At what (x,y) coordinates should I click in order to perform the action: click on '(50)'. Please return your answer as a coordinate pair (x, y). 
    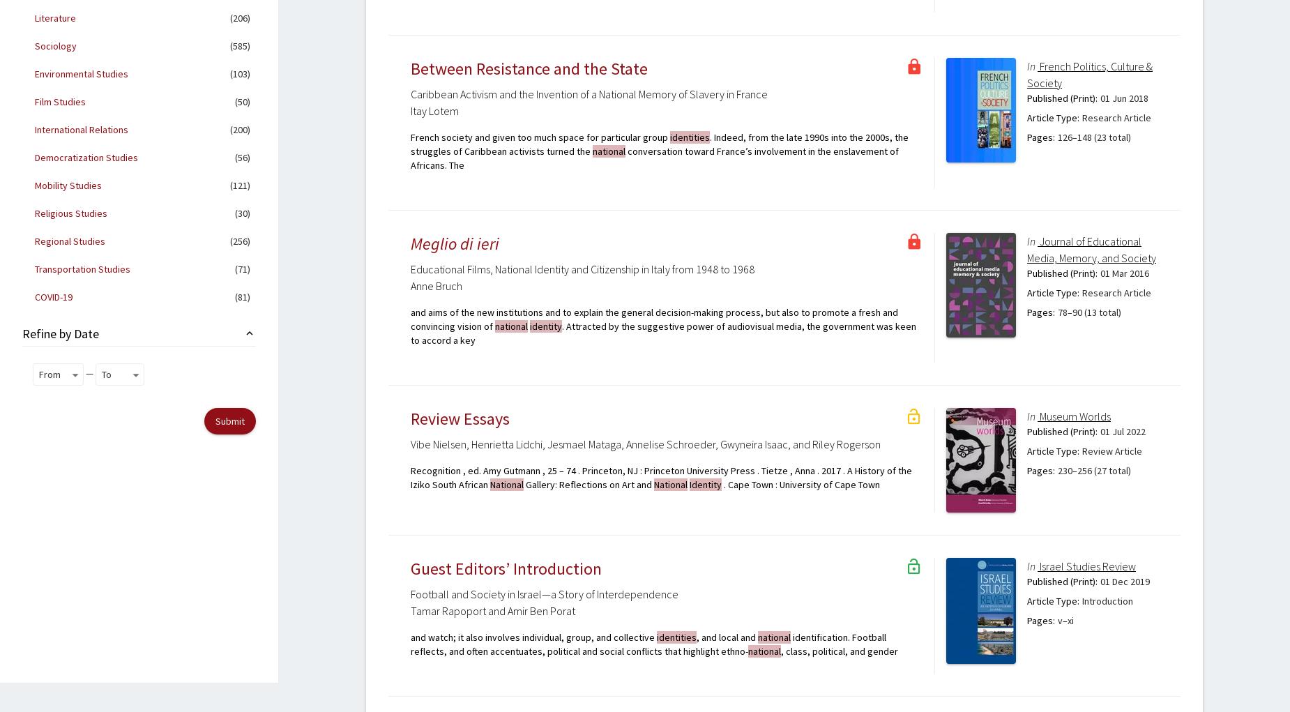
    Looking at the image, I should click on (241, 102).